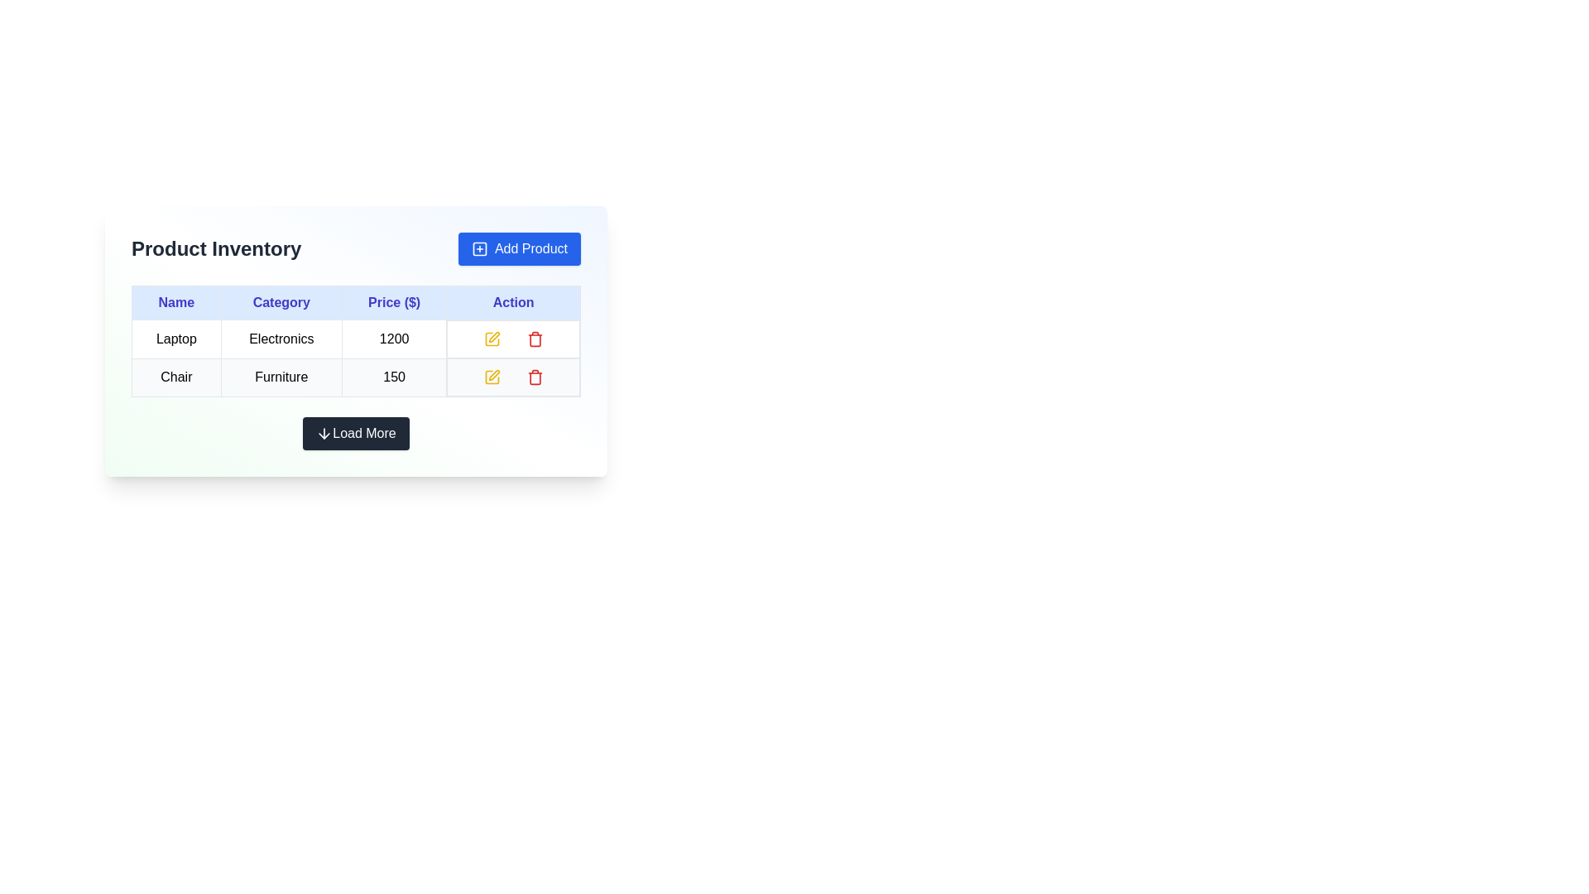 The height and width of the screenshot is (894, 1589). I want to click on the static text label that displays the product name in the first row of the data table under the 'Name' column, so click(176, 338).